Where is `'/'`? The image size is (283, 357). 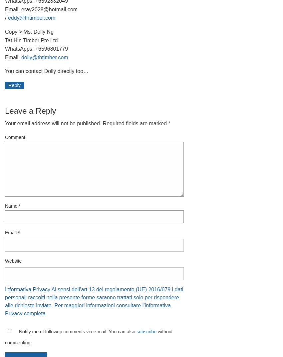 '/' is located at coordinates (6, 17).